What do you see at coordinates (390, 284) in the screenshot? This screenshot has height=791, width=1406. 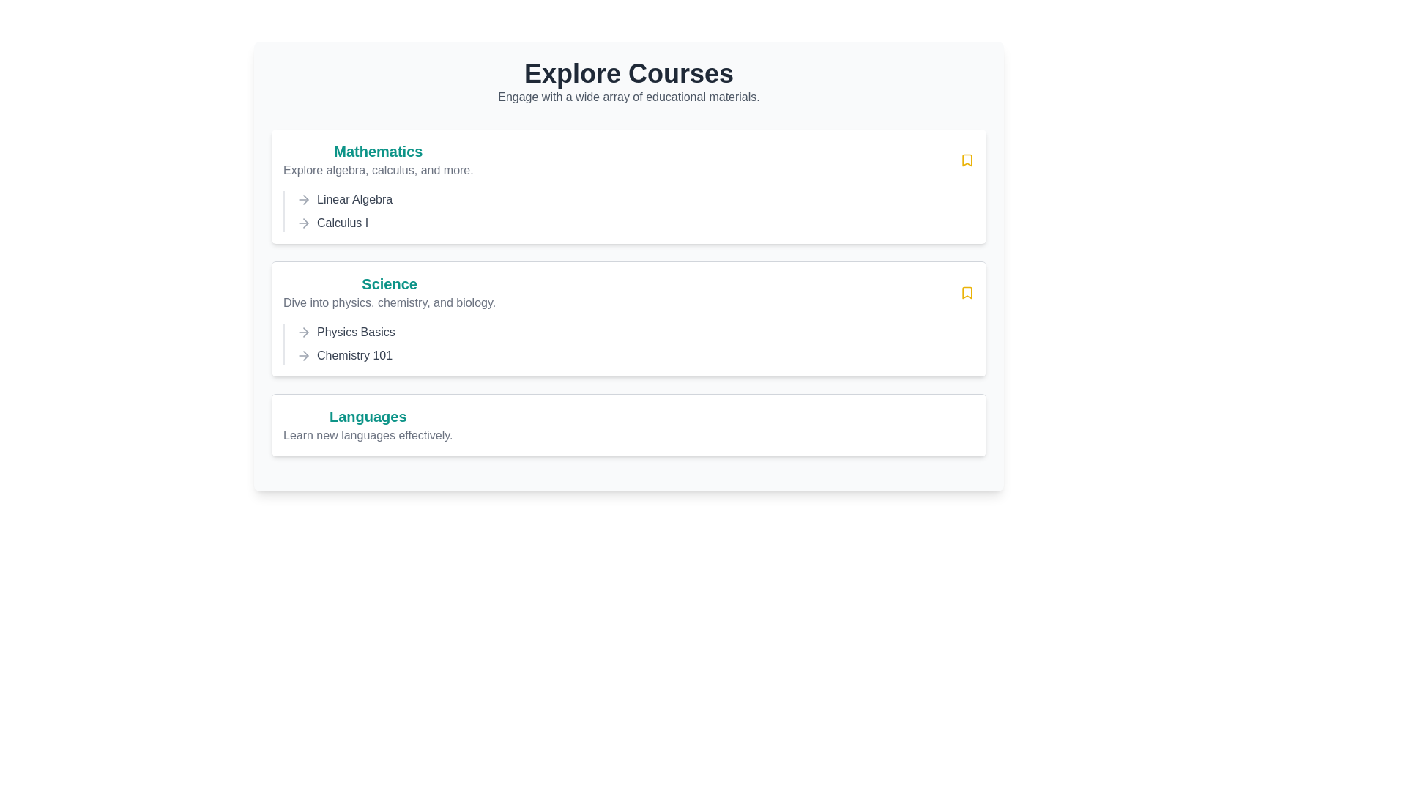 I see `the 'Science' hyperlink, which is a bold and enlarged teal text link located in the second card section` at bounding box center [390, 284].